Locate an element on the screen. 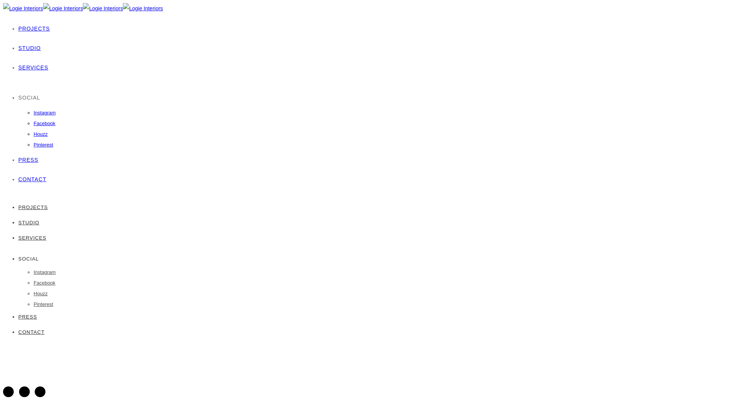 The image size is (733, 412). 'Facebook' is located at coordinates (44, 123).